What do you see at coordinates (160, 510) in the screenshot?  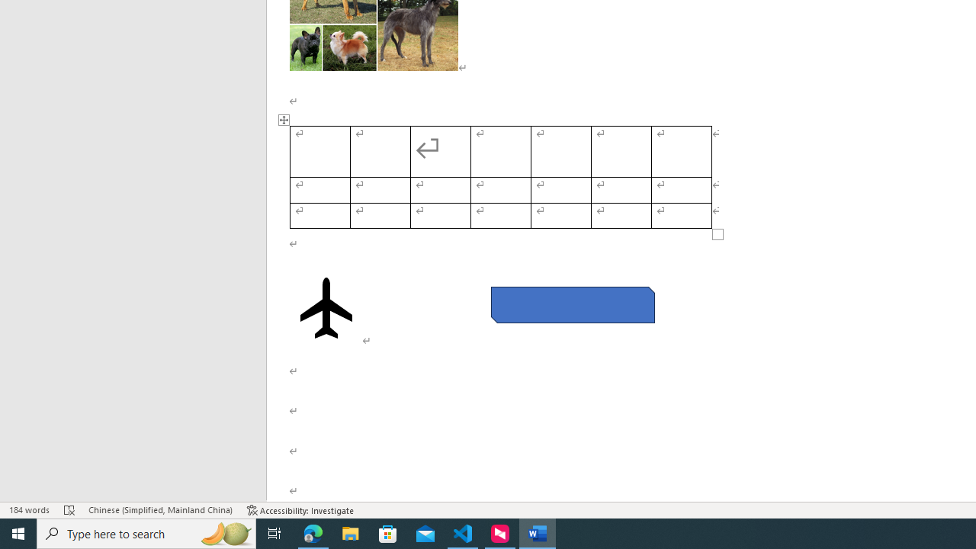 I see `'Language Chinese (Simplified, Mainland China)'` at bounding box center [160, 510].